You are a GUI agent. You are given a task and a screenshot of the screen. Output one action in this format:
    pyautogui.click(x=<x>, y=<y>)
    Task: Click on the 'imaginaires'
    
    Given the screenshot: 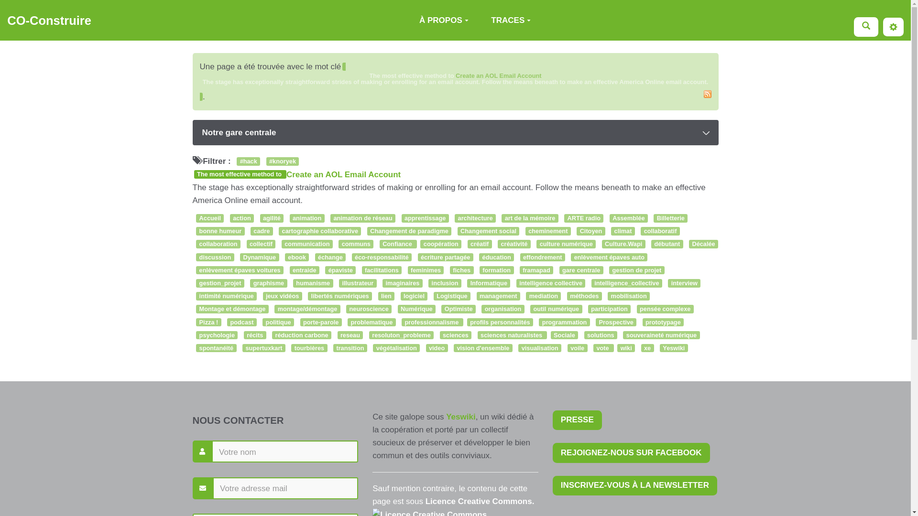 What is the action you would take?
    pyautogui.click(x=402, y=283)
    